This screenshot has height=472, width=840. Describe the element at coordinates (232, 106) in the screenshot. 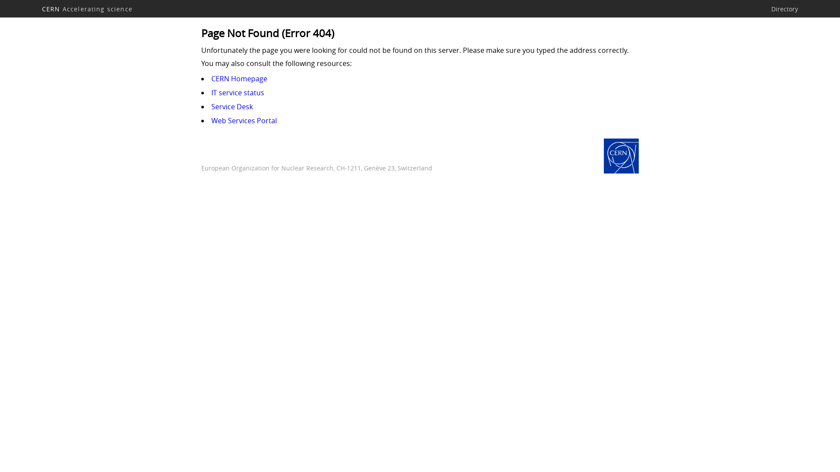

I see `'Service Desk'` at that location.